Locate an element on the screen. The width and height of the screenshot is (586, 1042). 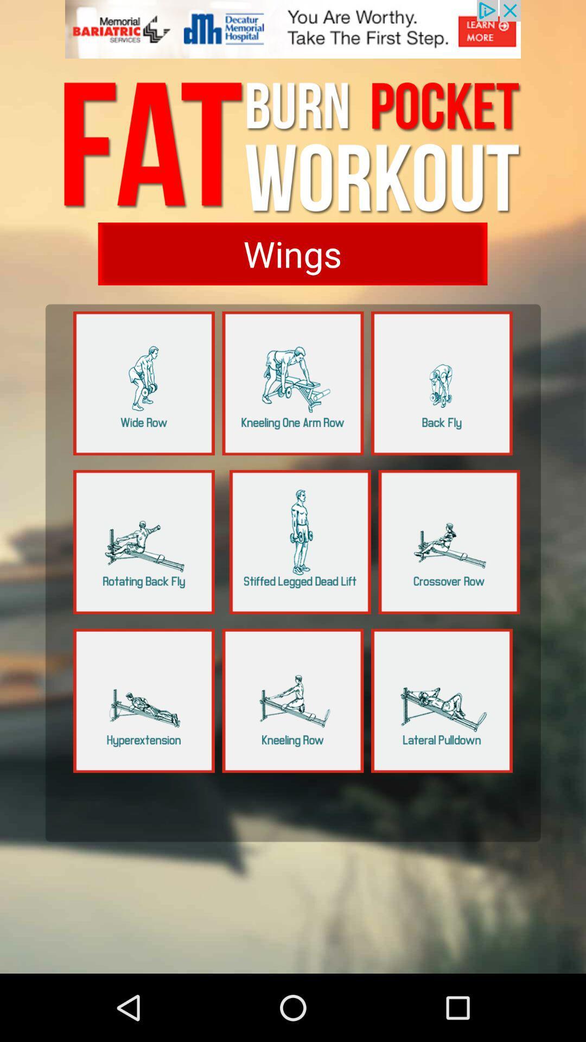
show the add is located at coordinates (293, 35).